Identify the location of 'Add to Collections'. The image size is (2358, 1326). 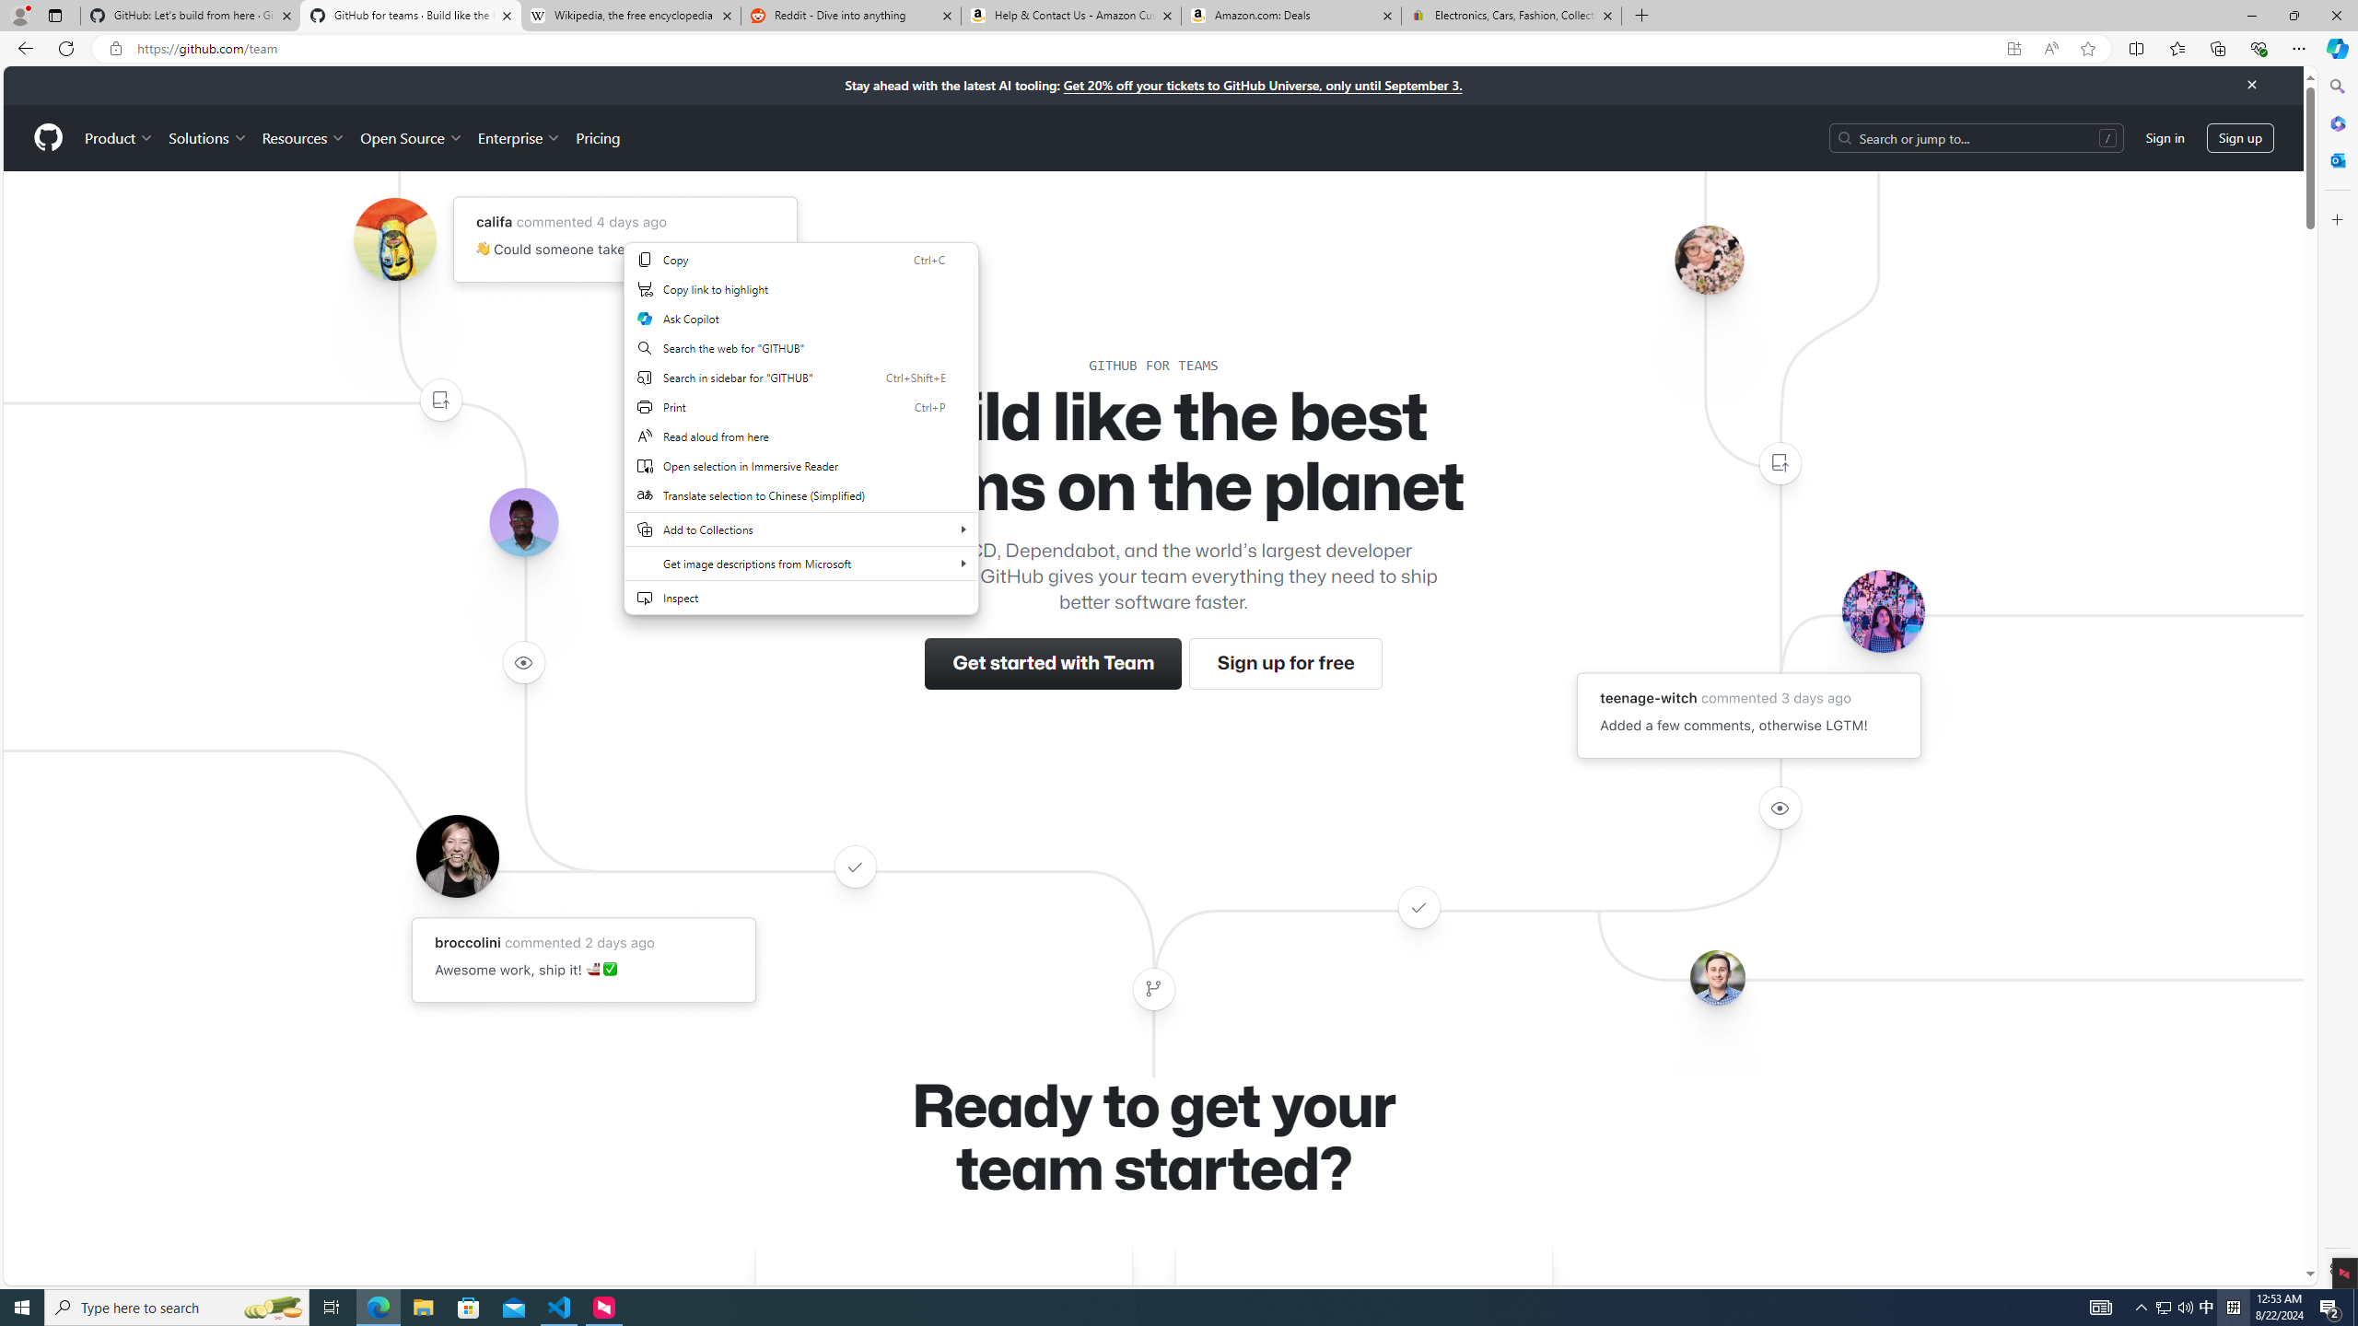
(800, 529).